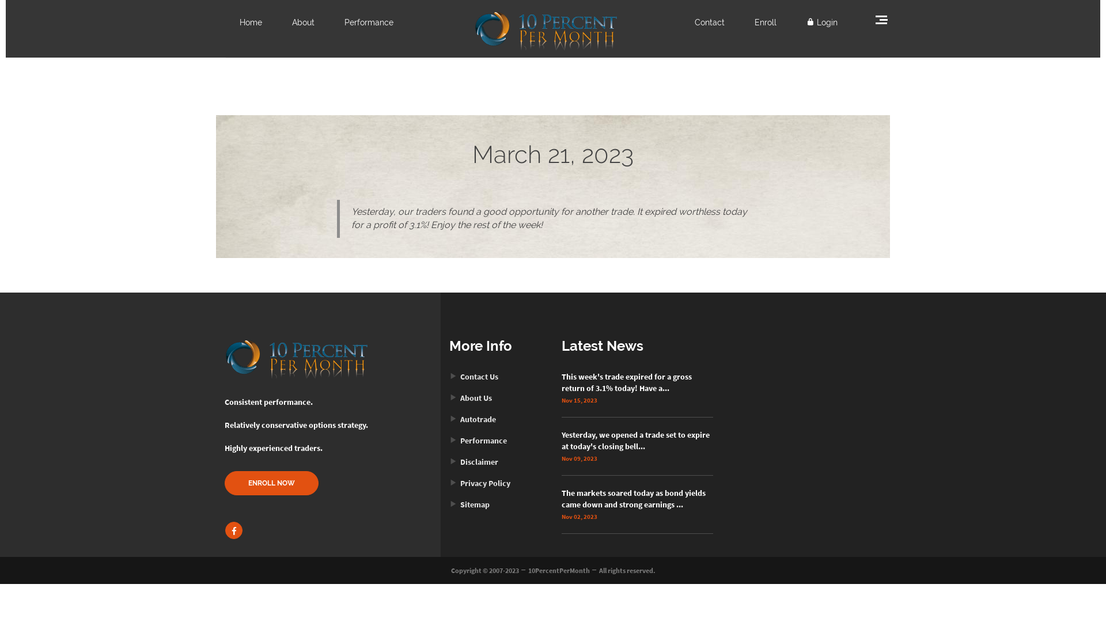 The width and height of the screenshot is (1106, 622). What do you see at coordinates (469, 503) in the screenshot?
I see `'Sitemap'` at bounding box center [469, 503].